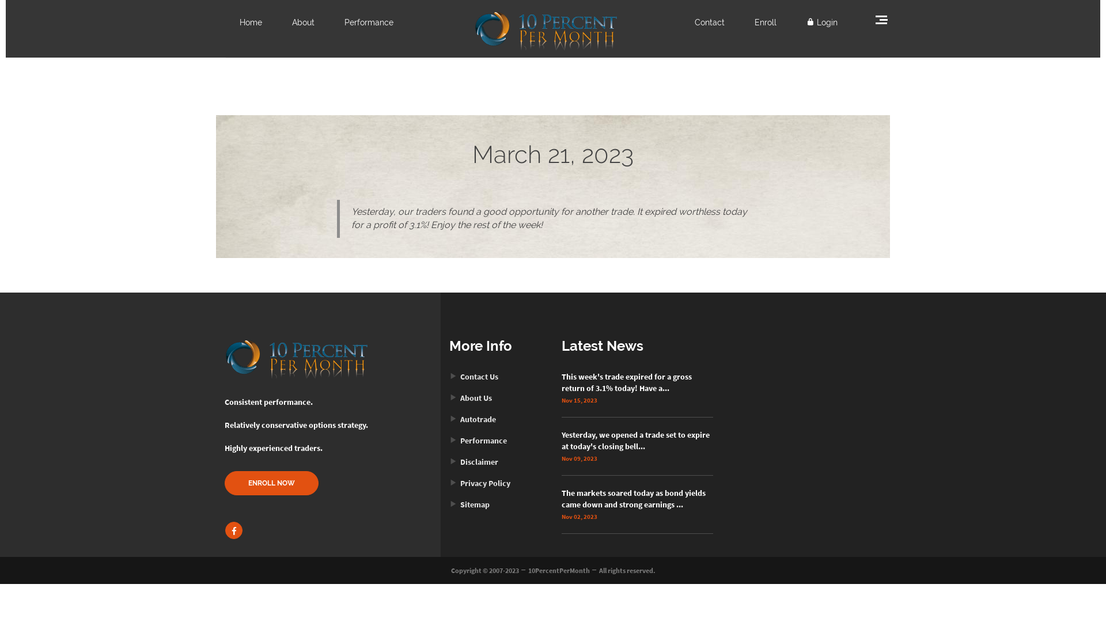 The width and height of the screenshot is (1106, 622). What do you see at coordinates (469, 503) in the screenshot?
I see `'Sitemap'` at bounding box center [469, 503].